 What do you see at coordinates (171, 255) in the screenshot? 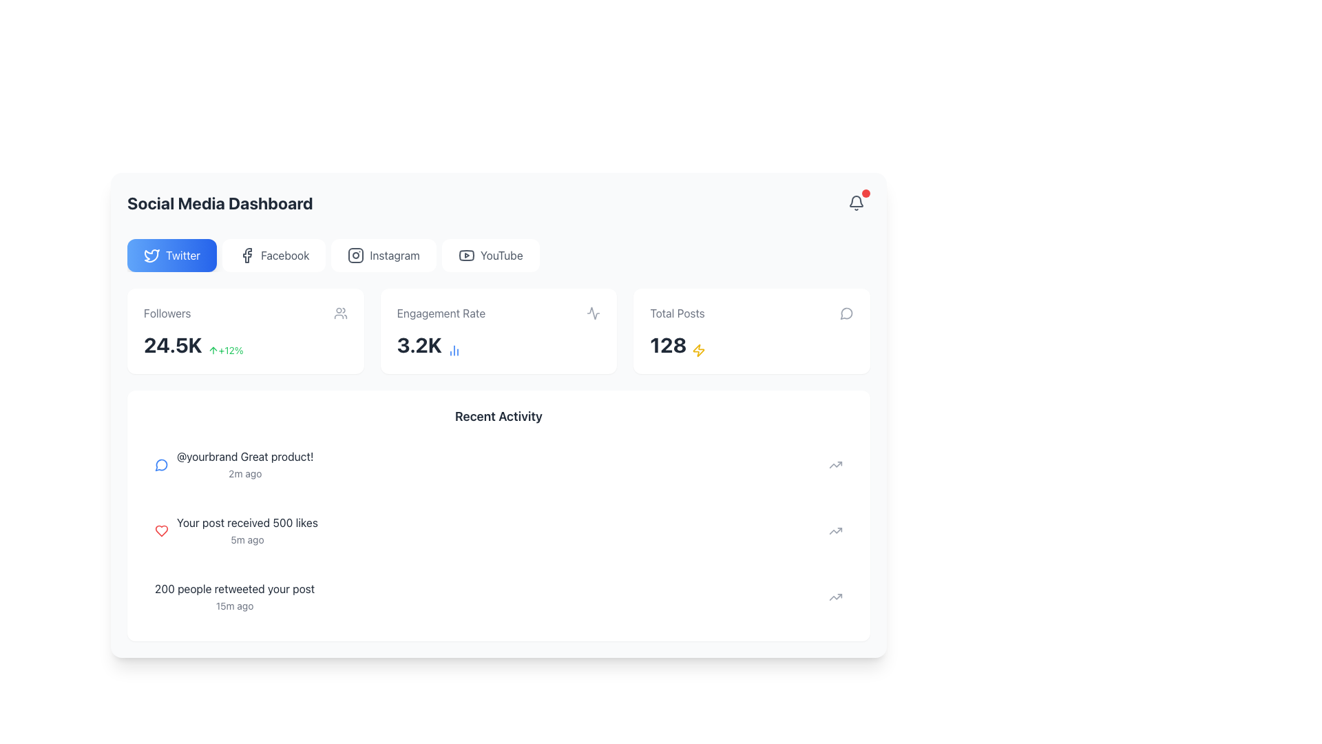
I see `the 'Twitter' button, which is a rectangular button with a gradient blue background and white text, located beneath the 'Social Media Dashboard' heading` at bounding box center [171, 255].